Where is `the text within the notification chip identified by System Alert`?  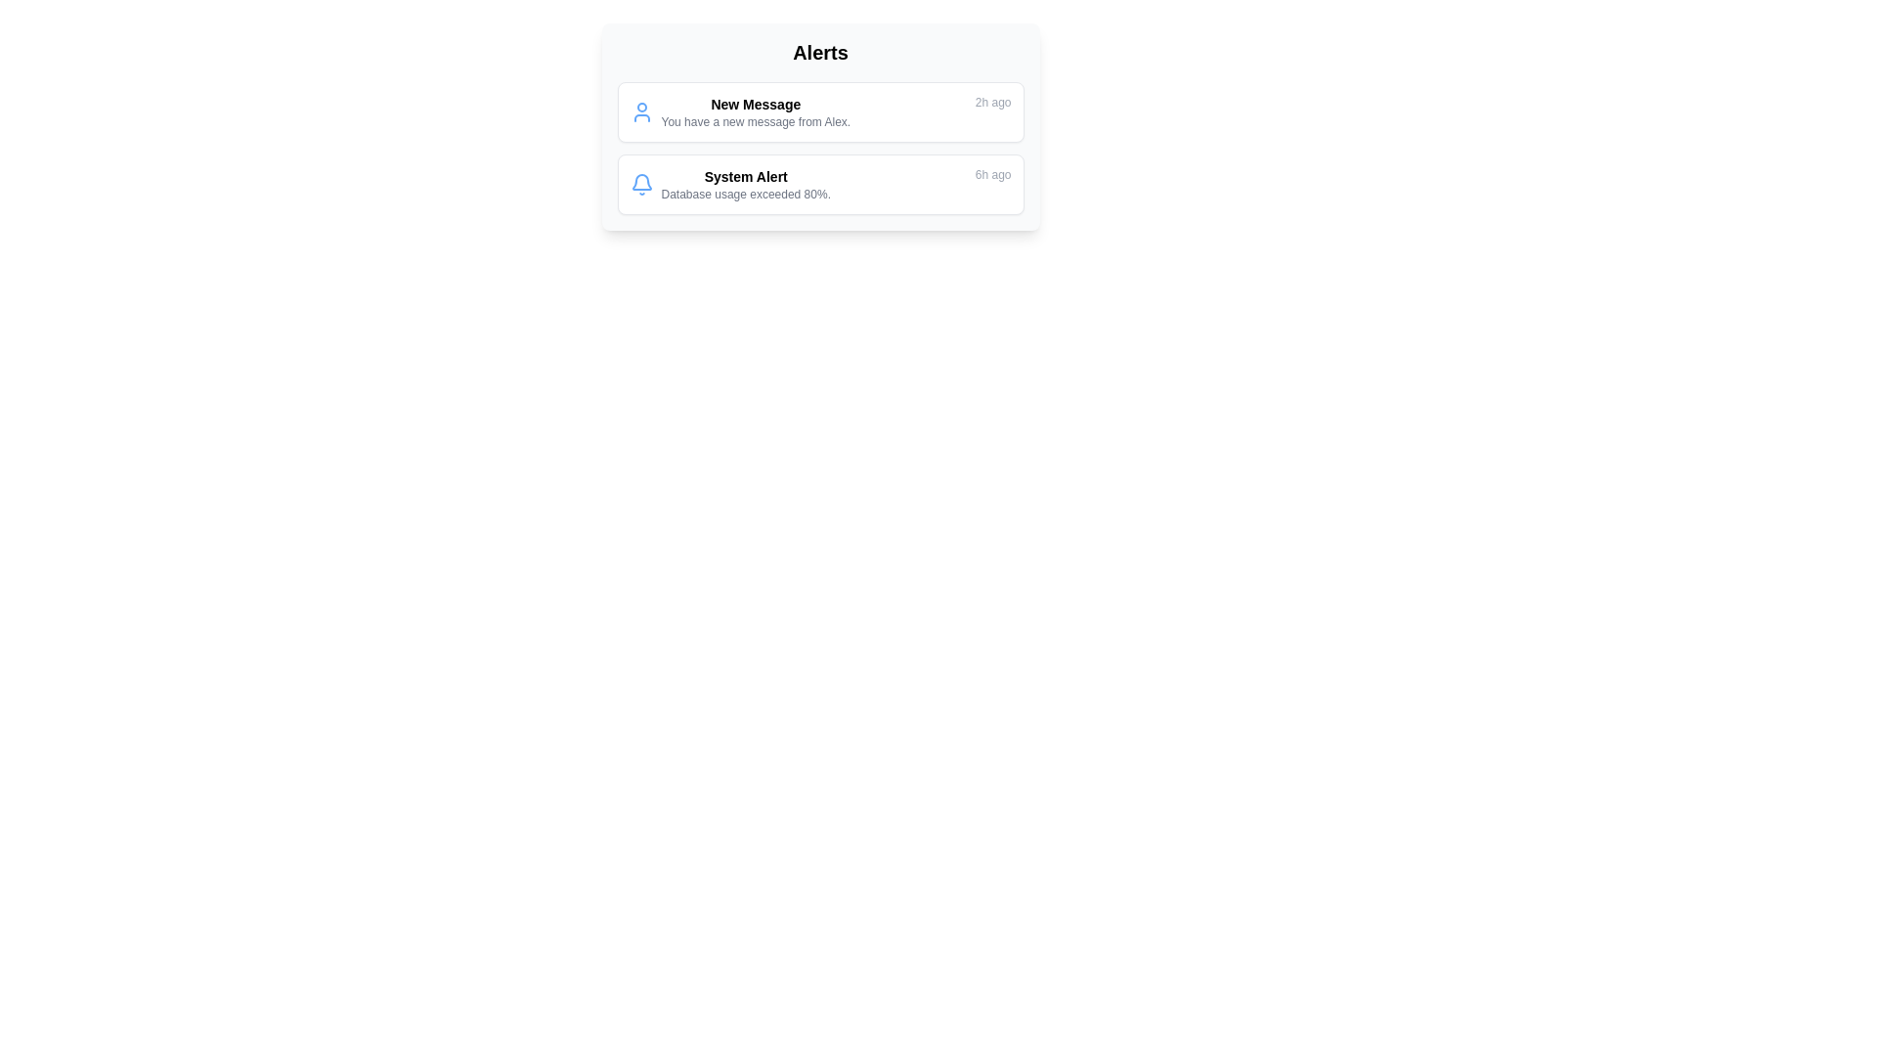 the text within the notification chip identified by System Alert is located at coordinates (729, 185).